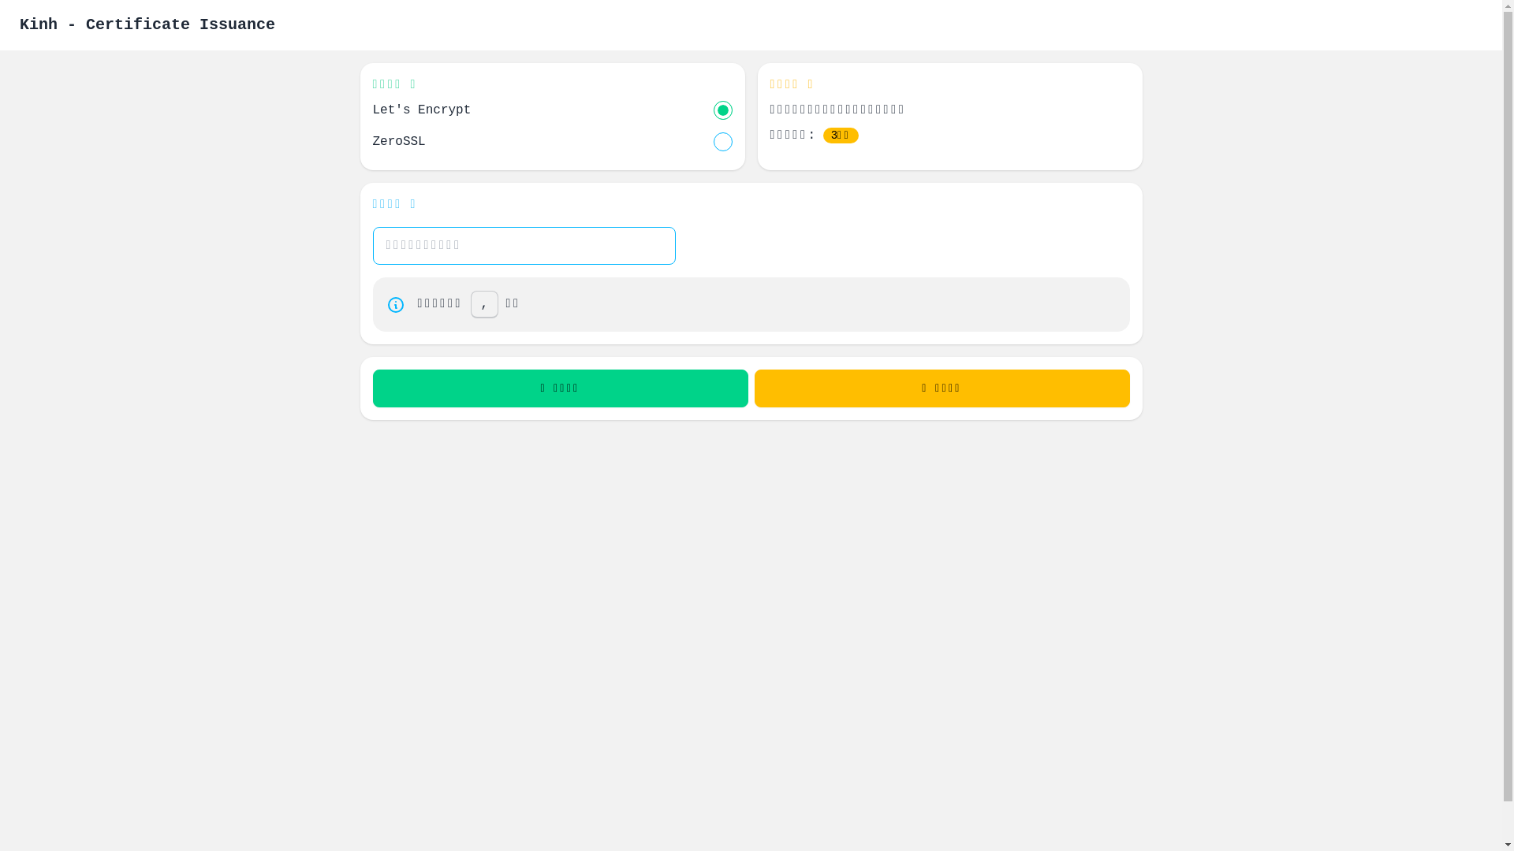  Describe the element at coordinates (147, 24) in the screenshot. I see `'Kinh - Certificate Issuance'` at that location.